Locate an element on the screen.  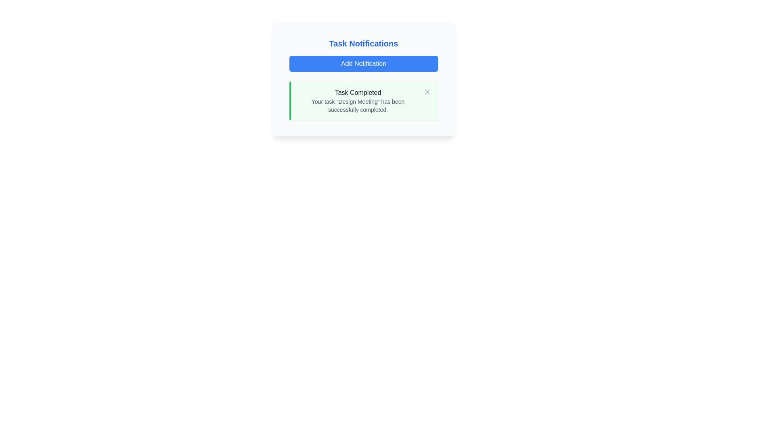
the text block that notifies the user about the successful completion of the 'Design Meeting' task, located directly below the heading 'Task Completed.' is located at coordinates (358, 105).